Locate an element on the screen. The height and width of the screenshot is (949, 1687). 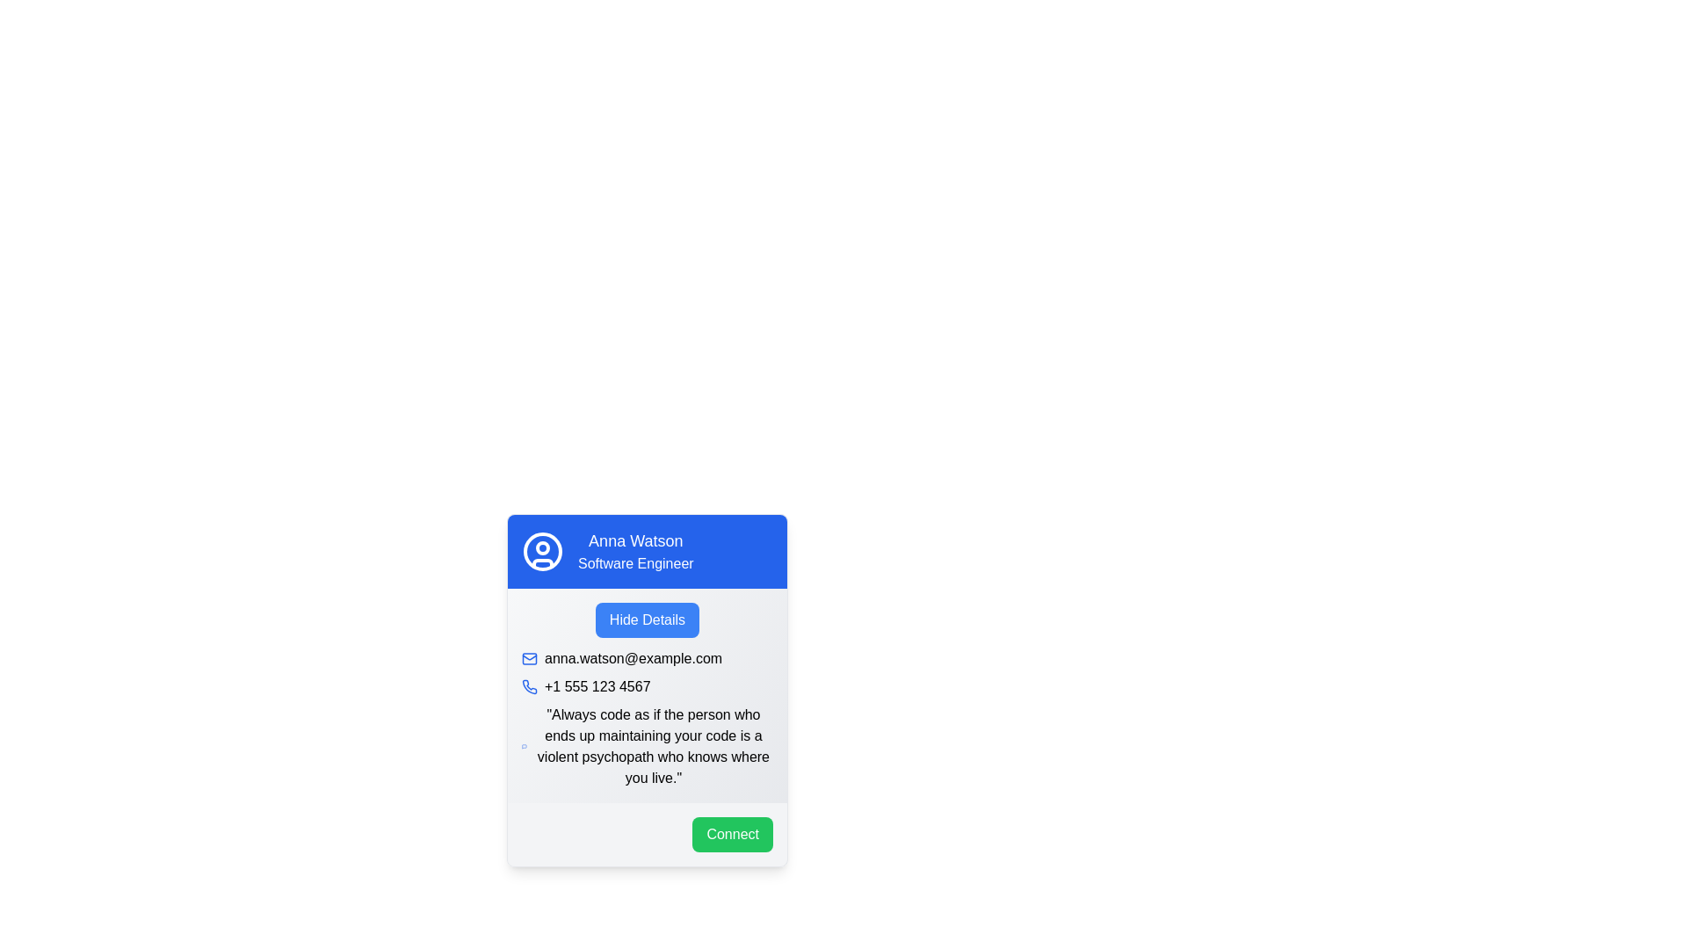
the phone icon that represents calling functionality, located to the left of the text '+1 555 123 4567' is located at coordinates (529, 686).